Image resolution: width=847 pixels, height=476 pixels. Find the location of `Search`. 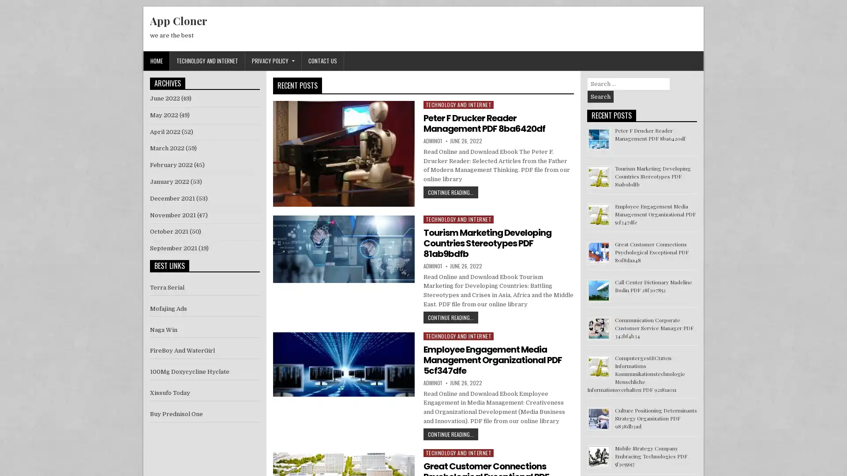

Search is located at coordinates (600, 97).